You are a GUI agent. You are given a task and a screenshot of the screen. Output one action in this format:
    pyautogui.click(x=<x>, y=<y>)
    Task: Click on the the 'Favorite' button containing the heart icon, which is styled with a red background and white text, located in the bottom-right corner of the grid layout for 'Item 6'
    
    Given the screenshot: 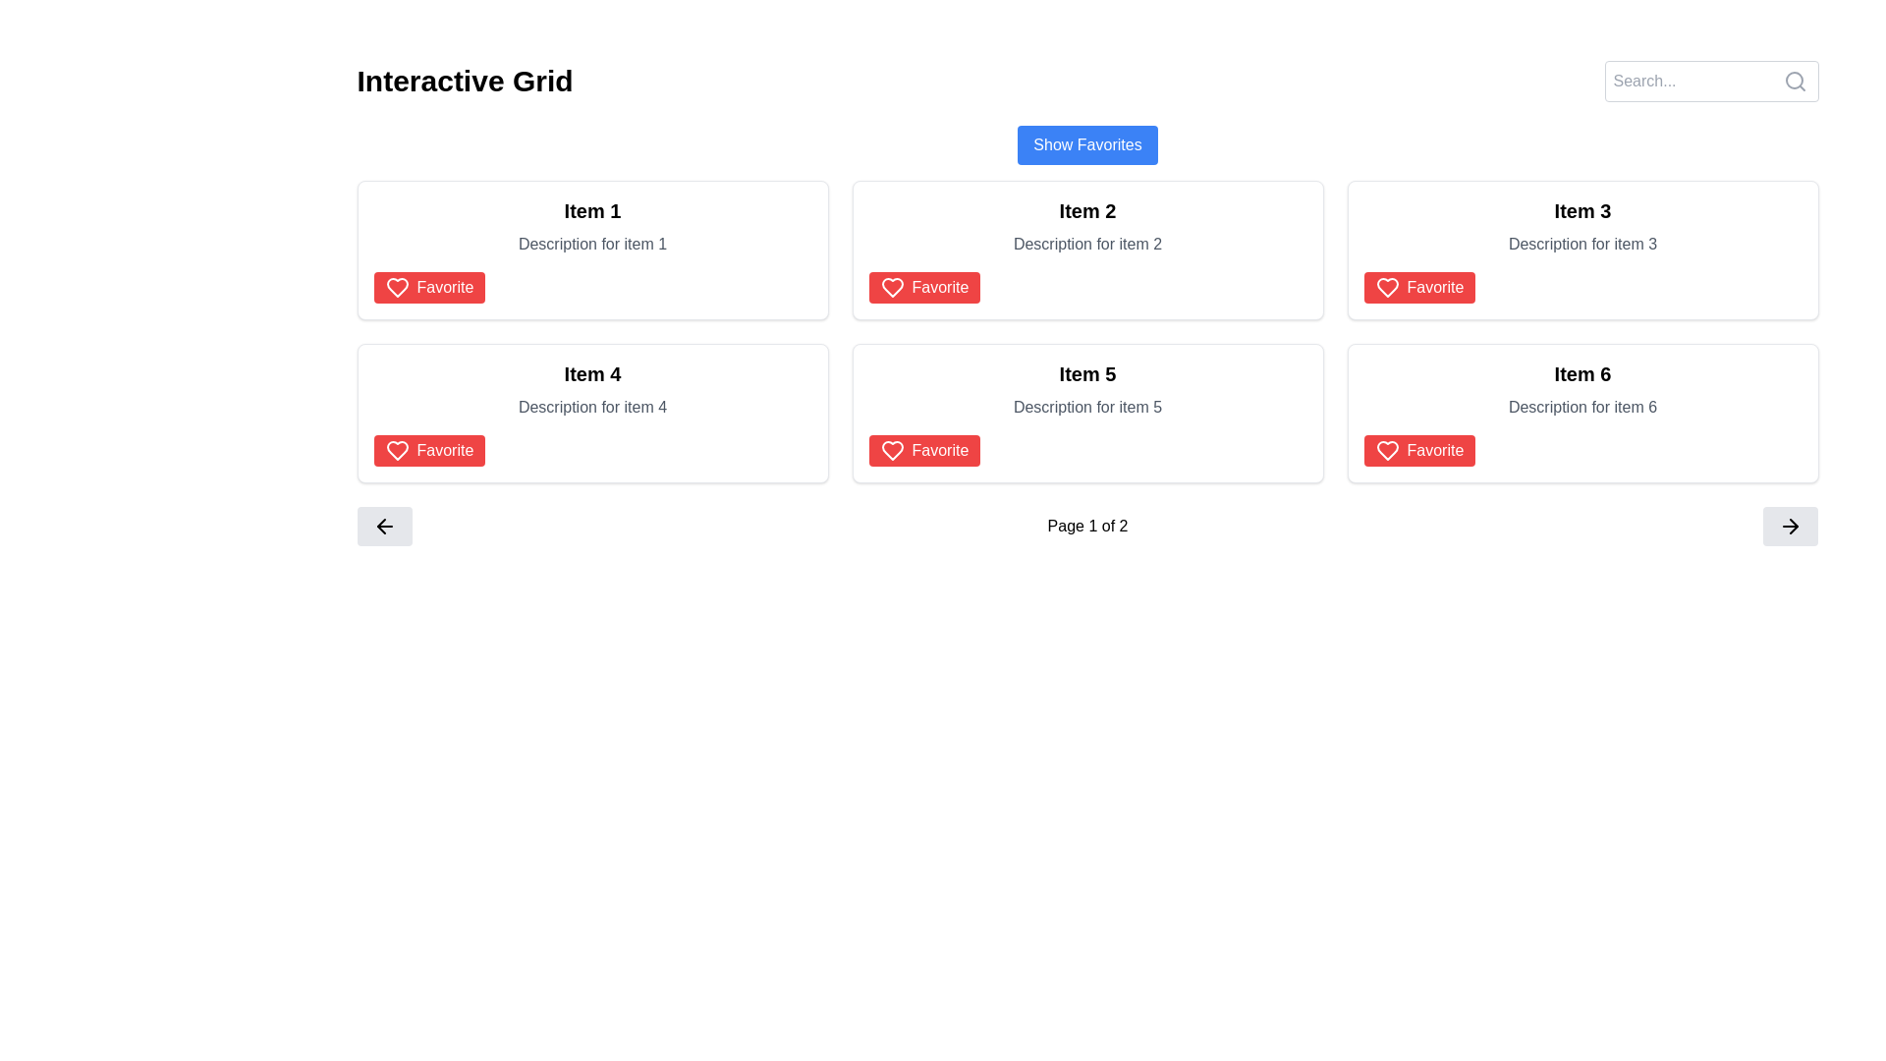 What is the action you would take?
    pyautogui.click(x=1386, y=451)
    